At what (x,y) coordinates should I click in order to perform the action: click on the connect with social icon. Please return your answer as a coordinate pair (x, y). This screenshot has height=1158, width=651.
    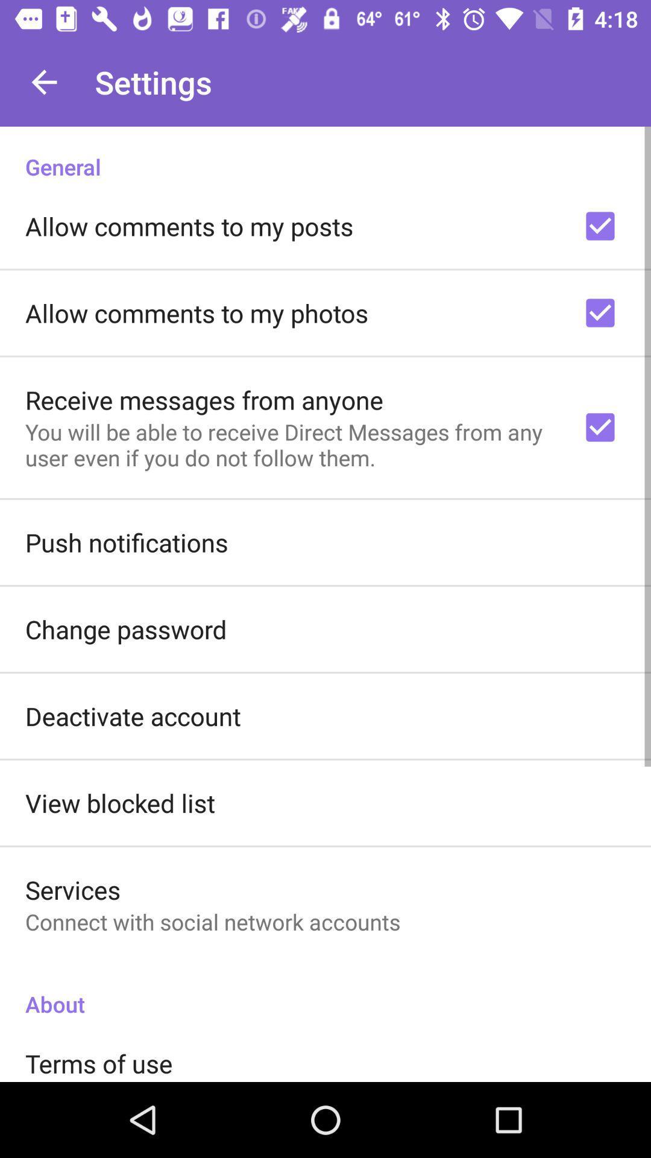
    Looking at the image, I should click on (212, 921).